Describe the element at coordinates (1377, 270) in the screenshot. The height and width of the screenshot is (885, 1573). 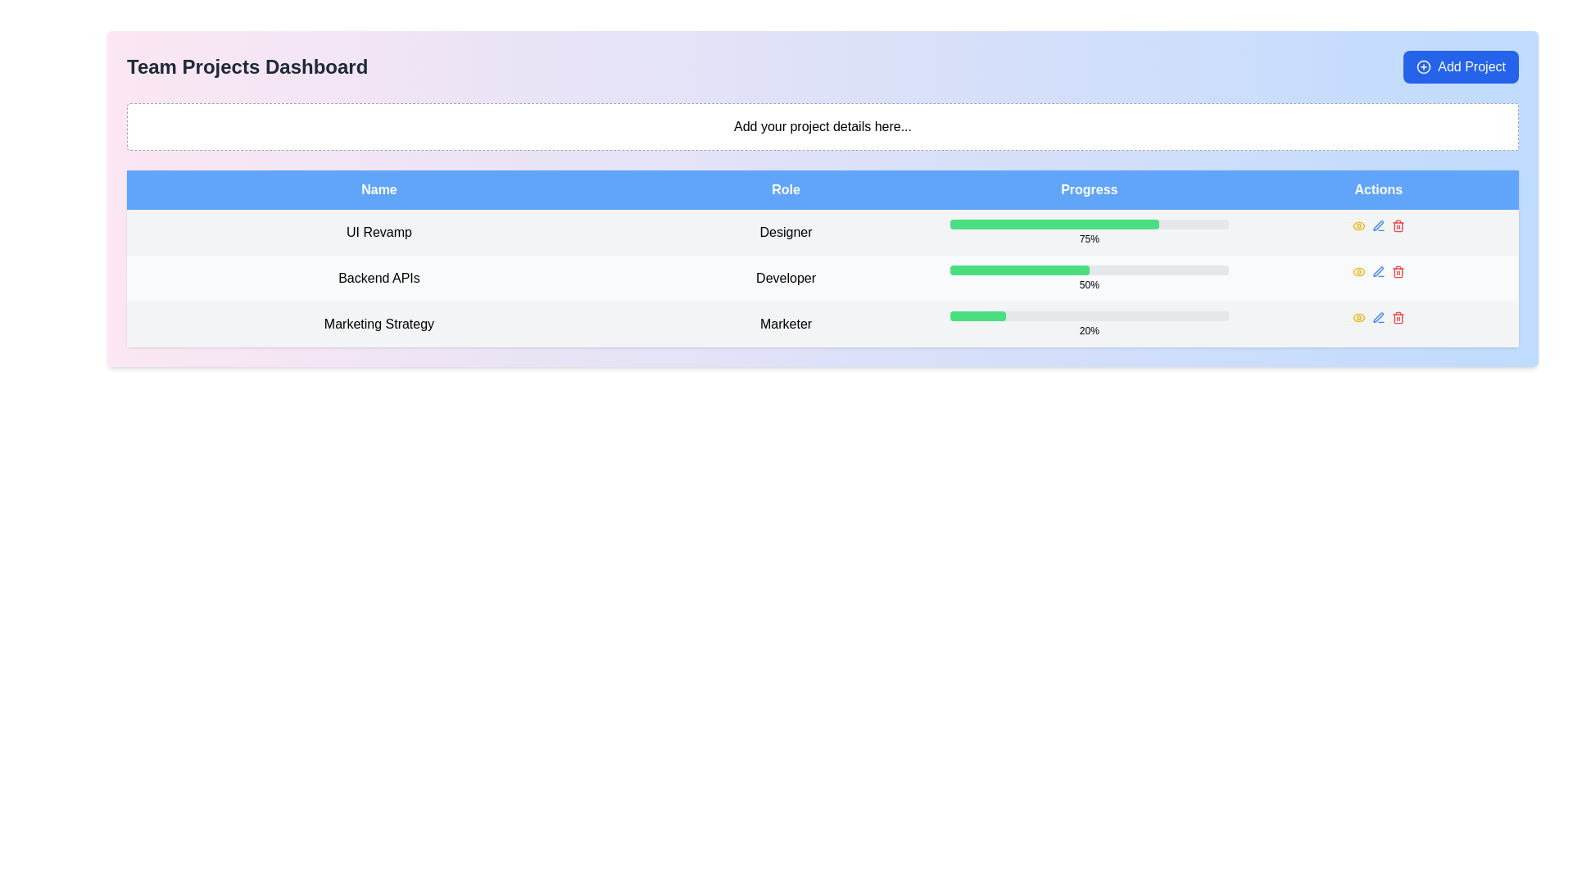
I see `the pen icon button in the Actions column for the 'Backend APIs' project to initiate editing` at that location.